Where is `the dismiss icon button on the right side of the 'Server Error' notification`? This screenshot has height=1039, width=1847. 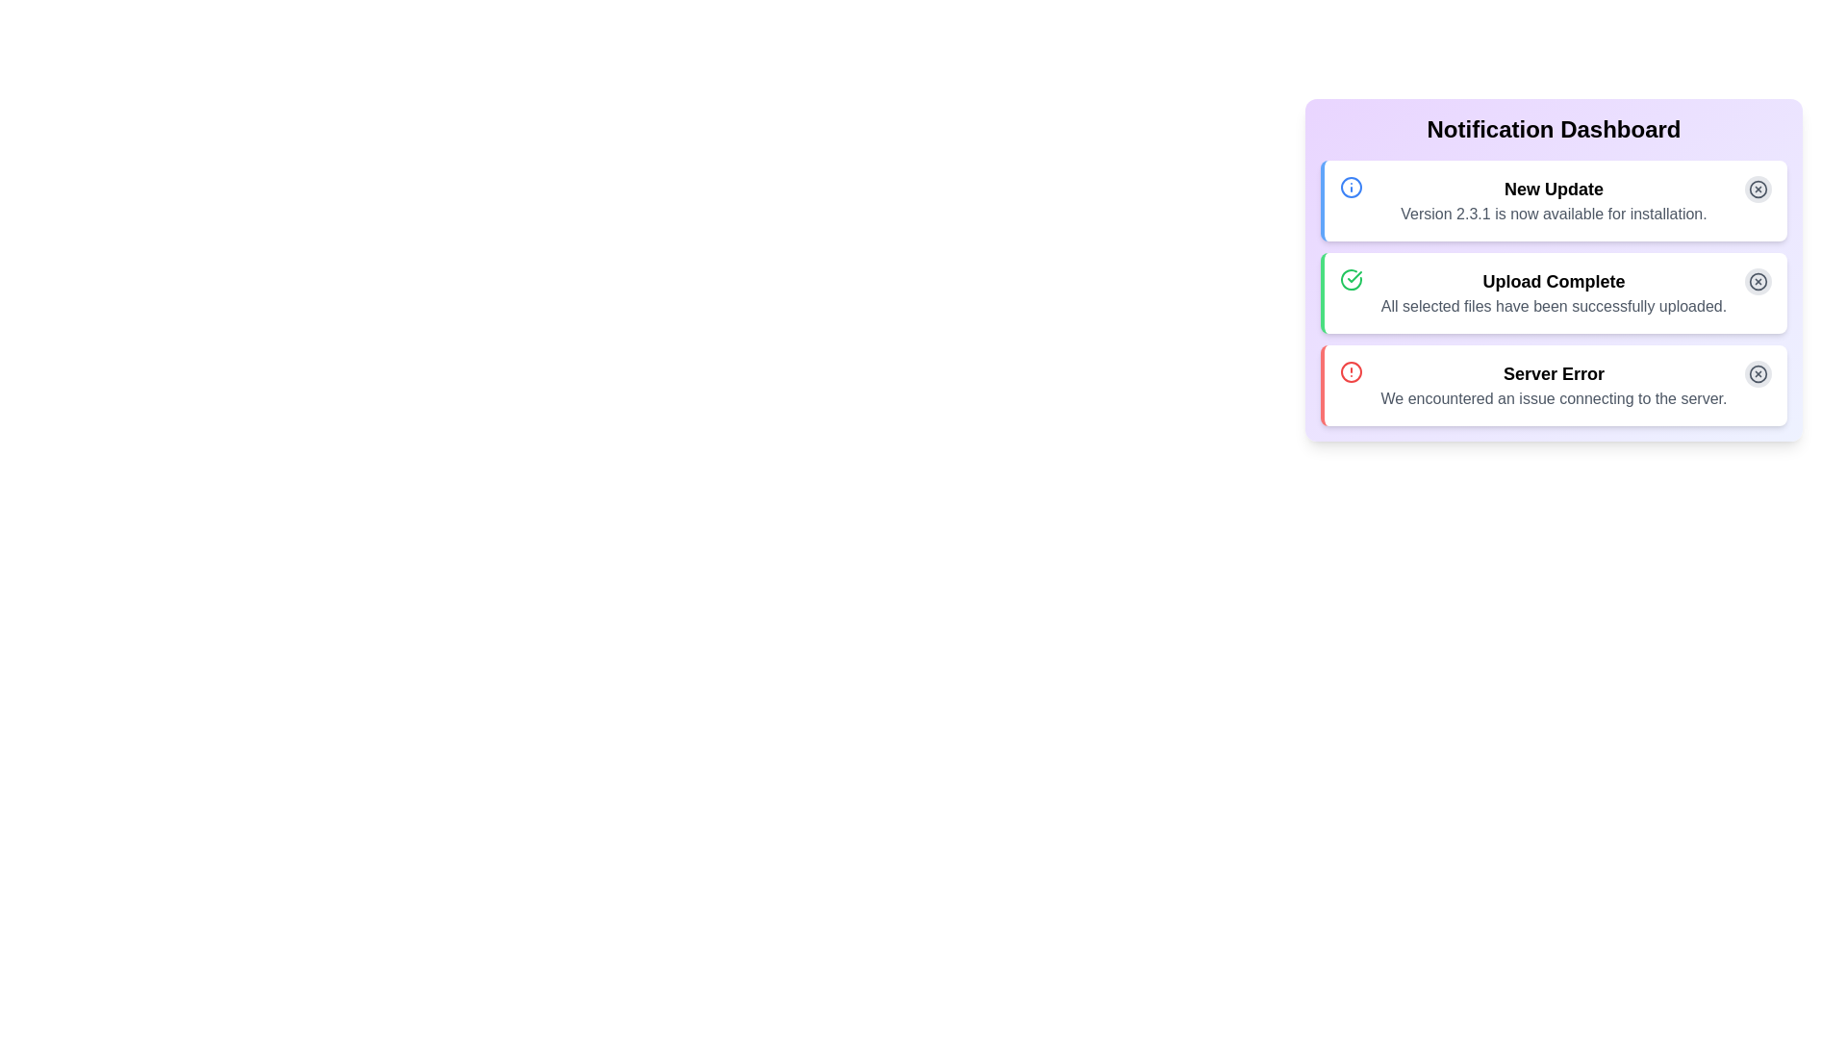 the dismiss icon button on the right side of the 'Server Error' notification is located at coordinates (1758, 374).